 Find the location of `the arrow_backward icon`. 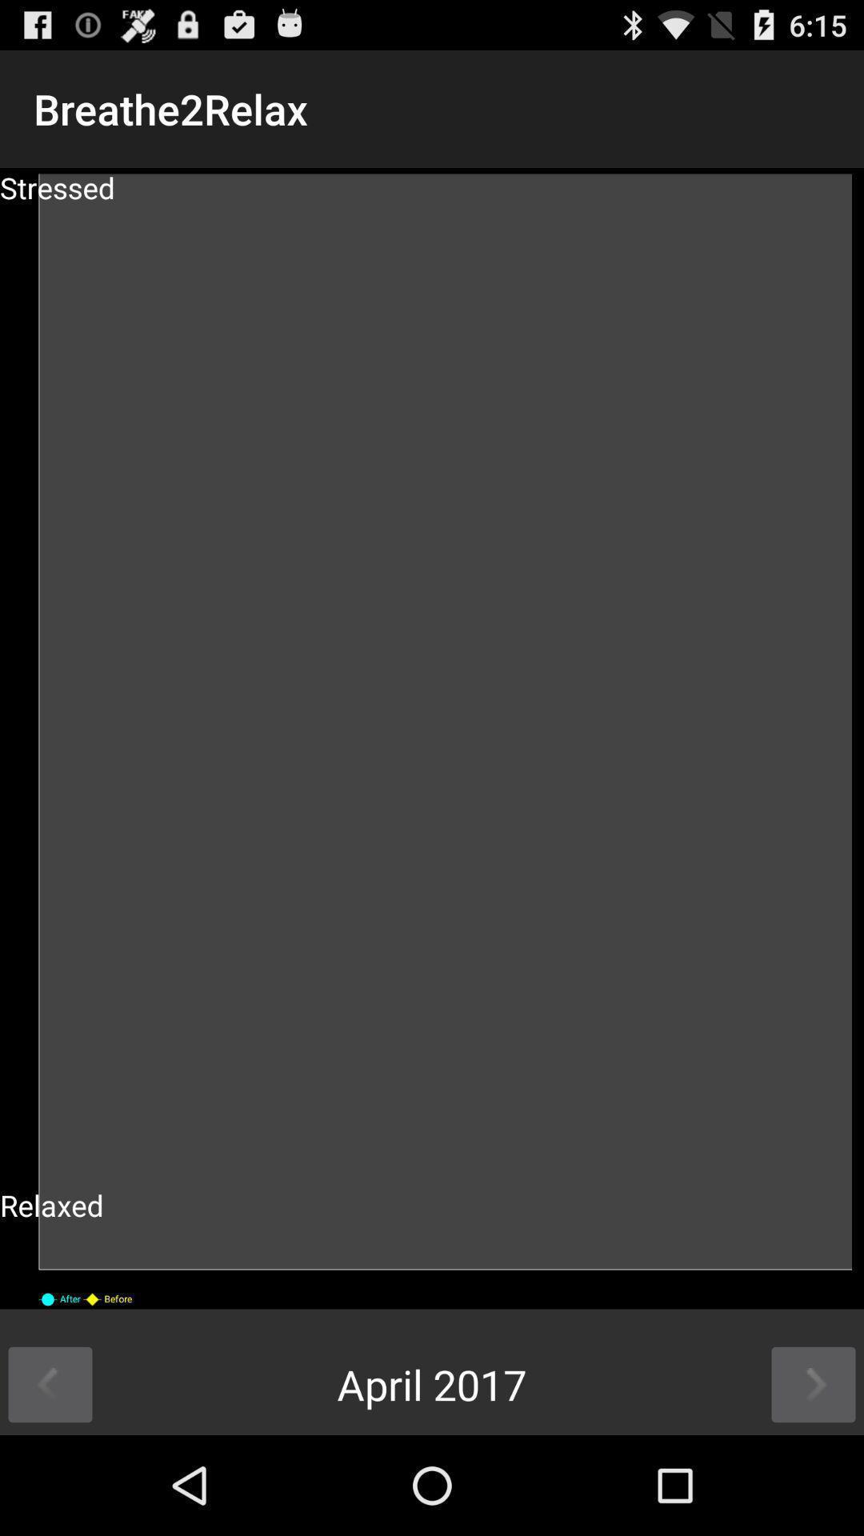

the arrow_backward icon is located at coordinates (49, 1481).